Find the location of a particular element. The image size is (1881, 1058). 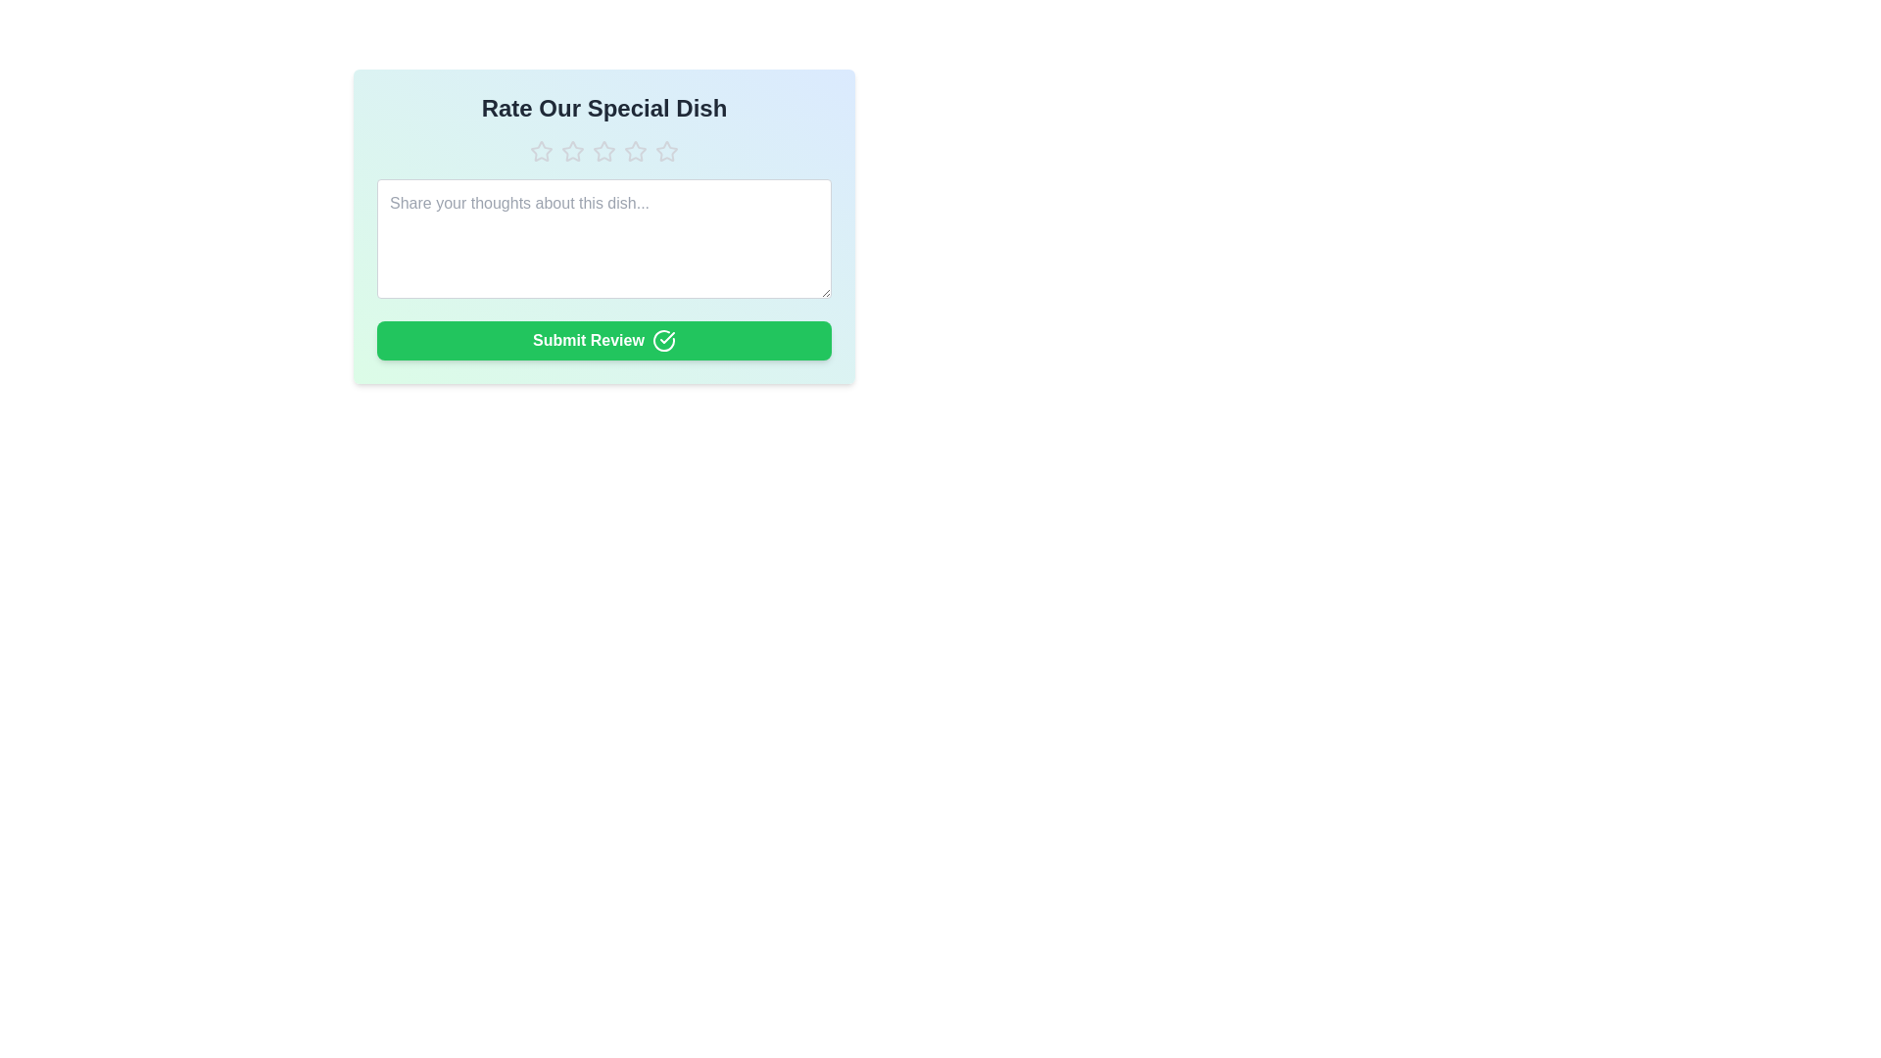

the submit review button is located at coordinates (603, 339).